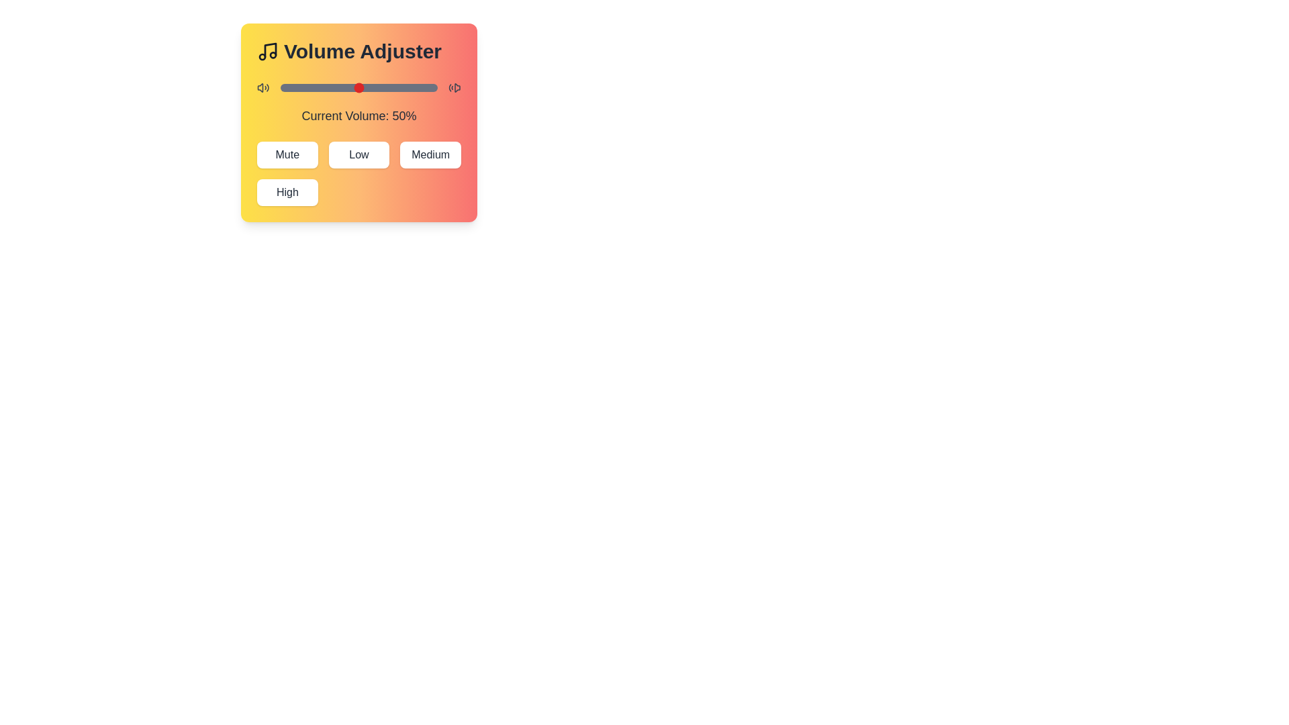 This screenshot has height=725, width=1289. What do you see at coordinates (286, 154) in the screenshot?
I see `the Mute button to set the volume to the corresponding preset level` at bounding box center [286, 154].